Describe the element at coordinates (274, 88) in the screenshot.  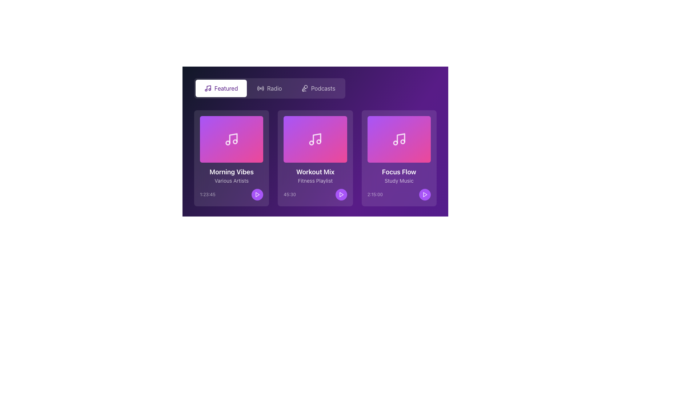
I see `the 'Radio' text link in the navigation bar` at that location.